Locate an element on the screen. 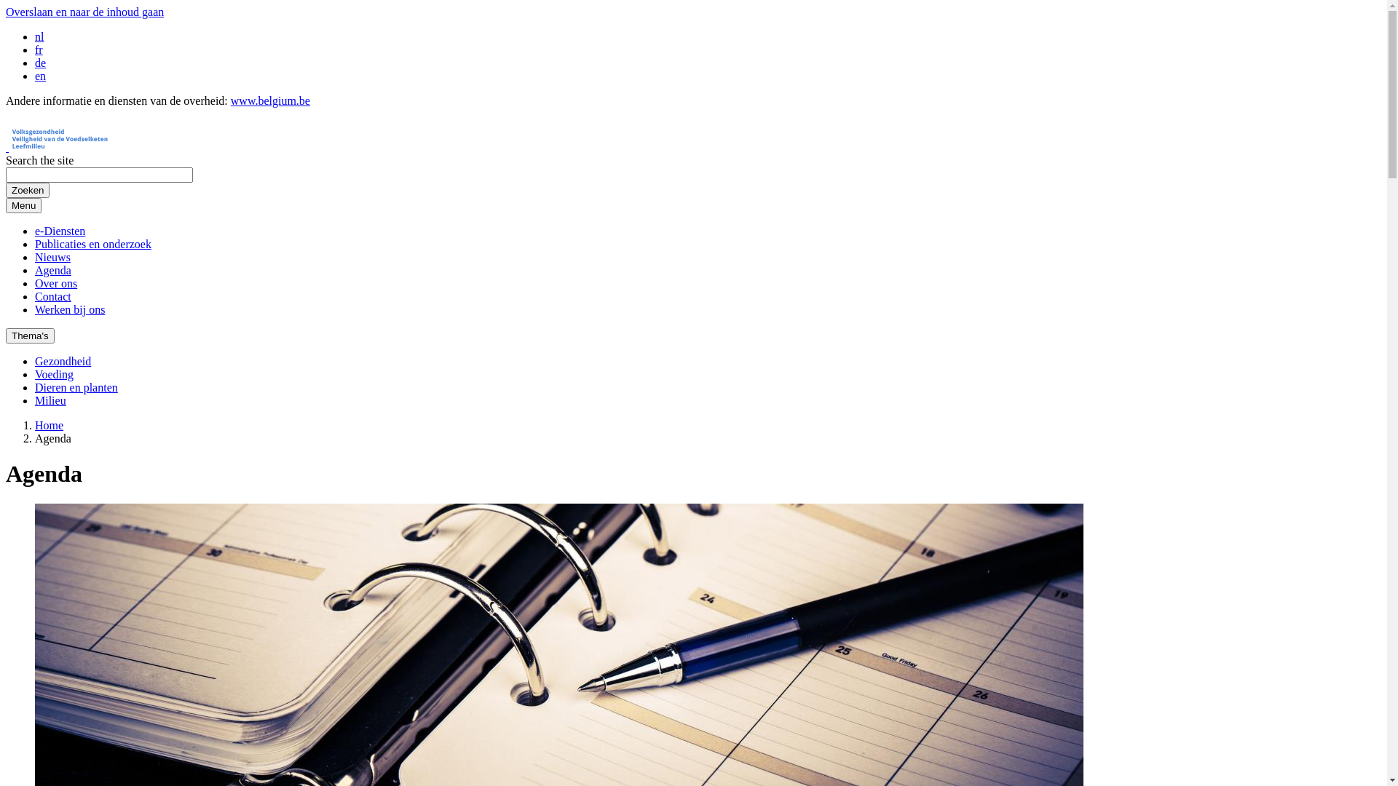 The height and width of the screenshot is (786, 1398). 'e-Diensten' is located at coordinates (59, 230).